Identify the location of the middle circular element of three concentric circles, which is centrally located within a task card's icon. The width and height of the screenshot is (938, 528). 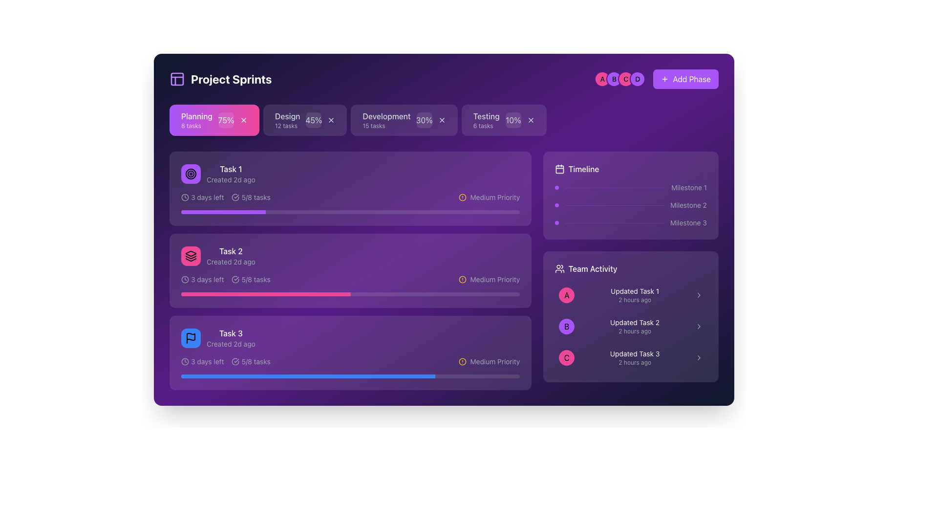
(191, 173).